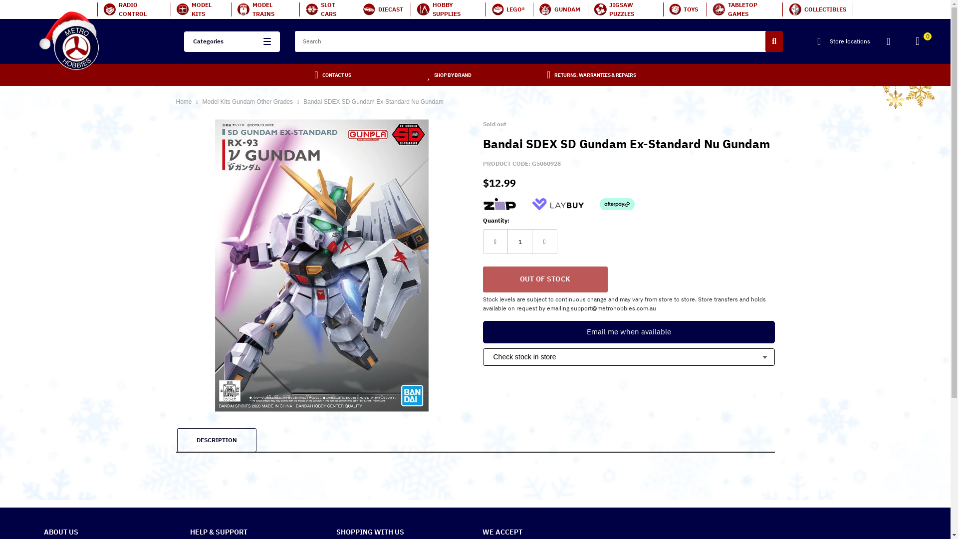 The image size is (958, 539). I want to click on 'GUNDAM', so click(560, 9).